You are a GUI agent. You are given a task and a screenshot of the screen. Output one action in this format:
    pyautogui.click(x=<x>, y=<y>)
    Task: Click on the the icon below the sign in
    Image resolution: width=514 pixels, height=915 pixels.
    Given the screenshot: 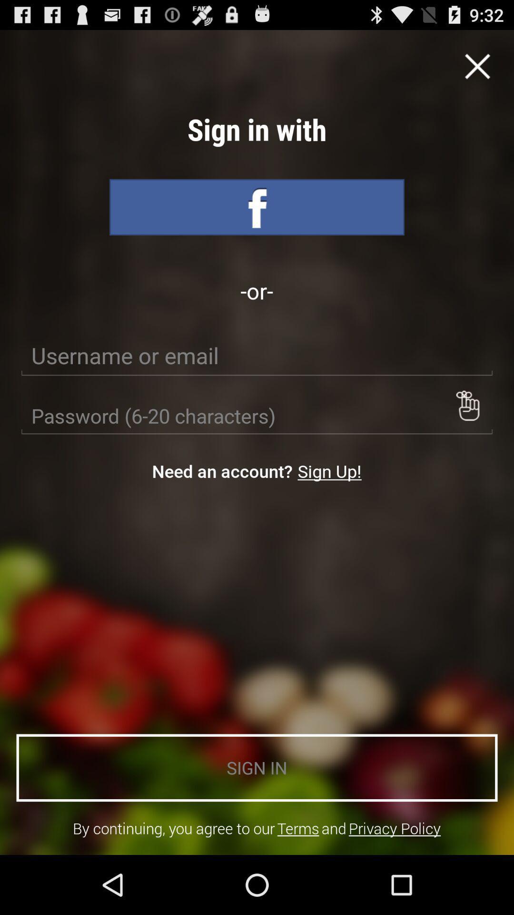 What is the action you would take?
    pyautogui.click(x=395, y=828)
    